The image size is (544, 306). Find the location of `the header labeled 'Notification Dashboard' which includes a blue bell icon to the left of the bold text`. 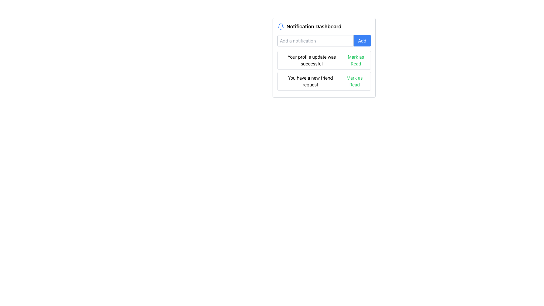

the header labeled 'Notification Dashboard' which includes a blue bell icon to the left of the bold text is located at coordinates (324, 26).